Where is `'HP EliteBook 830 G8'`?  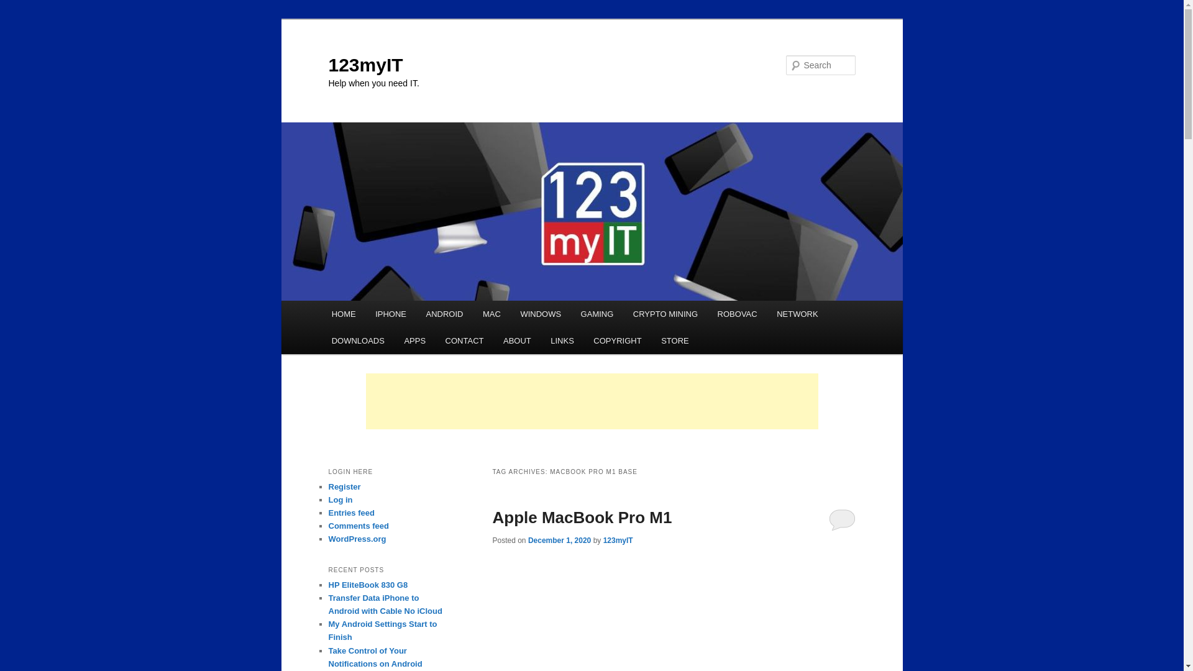
'HP EliteBook 830 G8' is located at coordinates (367, 585).